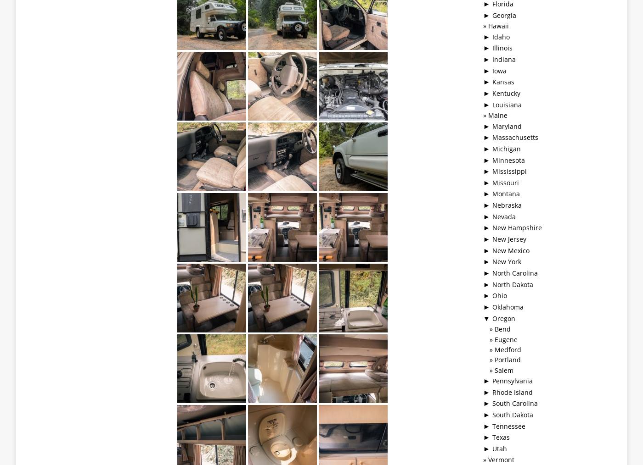 The height and width of the screenshot is (465, 643). Describe the element at coordinates (506, 193) in the screenshot. I see `'Montana'` at that location.